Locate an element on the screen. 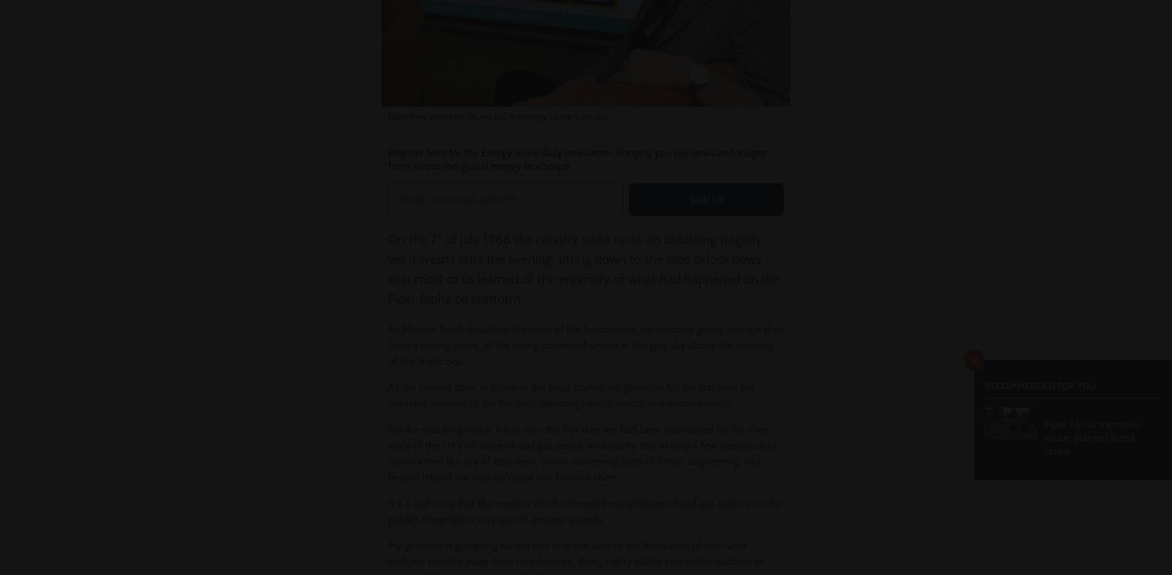  'Piper Alpha memorial statue granted listed status' is located at coordinates (1092, 437).